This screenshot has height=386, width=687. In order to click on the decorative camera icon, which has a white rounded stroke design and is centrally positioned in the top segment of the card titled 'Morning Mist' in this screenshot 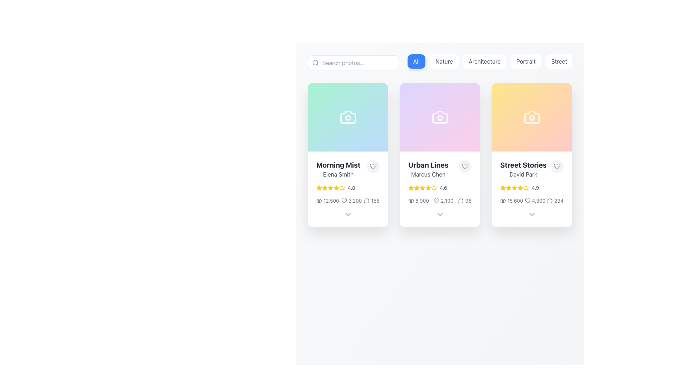, I will do `click(348, 117)`.